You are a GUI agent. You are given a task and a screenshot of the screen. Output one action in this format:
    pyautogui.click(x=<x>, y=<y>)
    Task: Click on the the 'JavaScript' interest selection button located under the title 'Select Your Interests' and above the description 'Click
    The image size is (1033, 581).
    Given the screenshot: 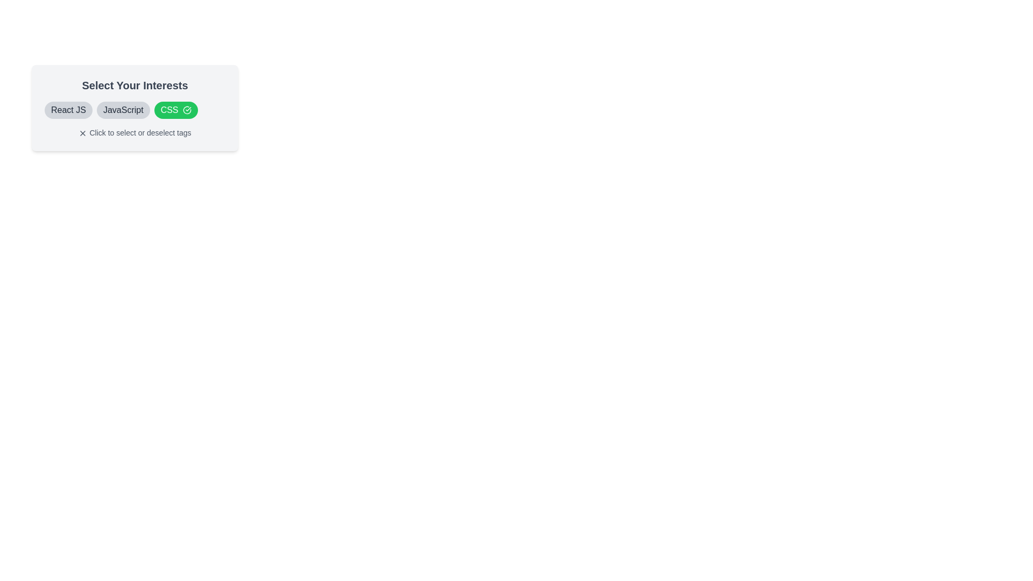 What is the action you would take?
    pyautogui.click(x=134, y=110)
    